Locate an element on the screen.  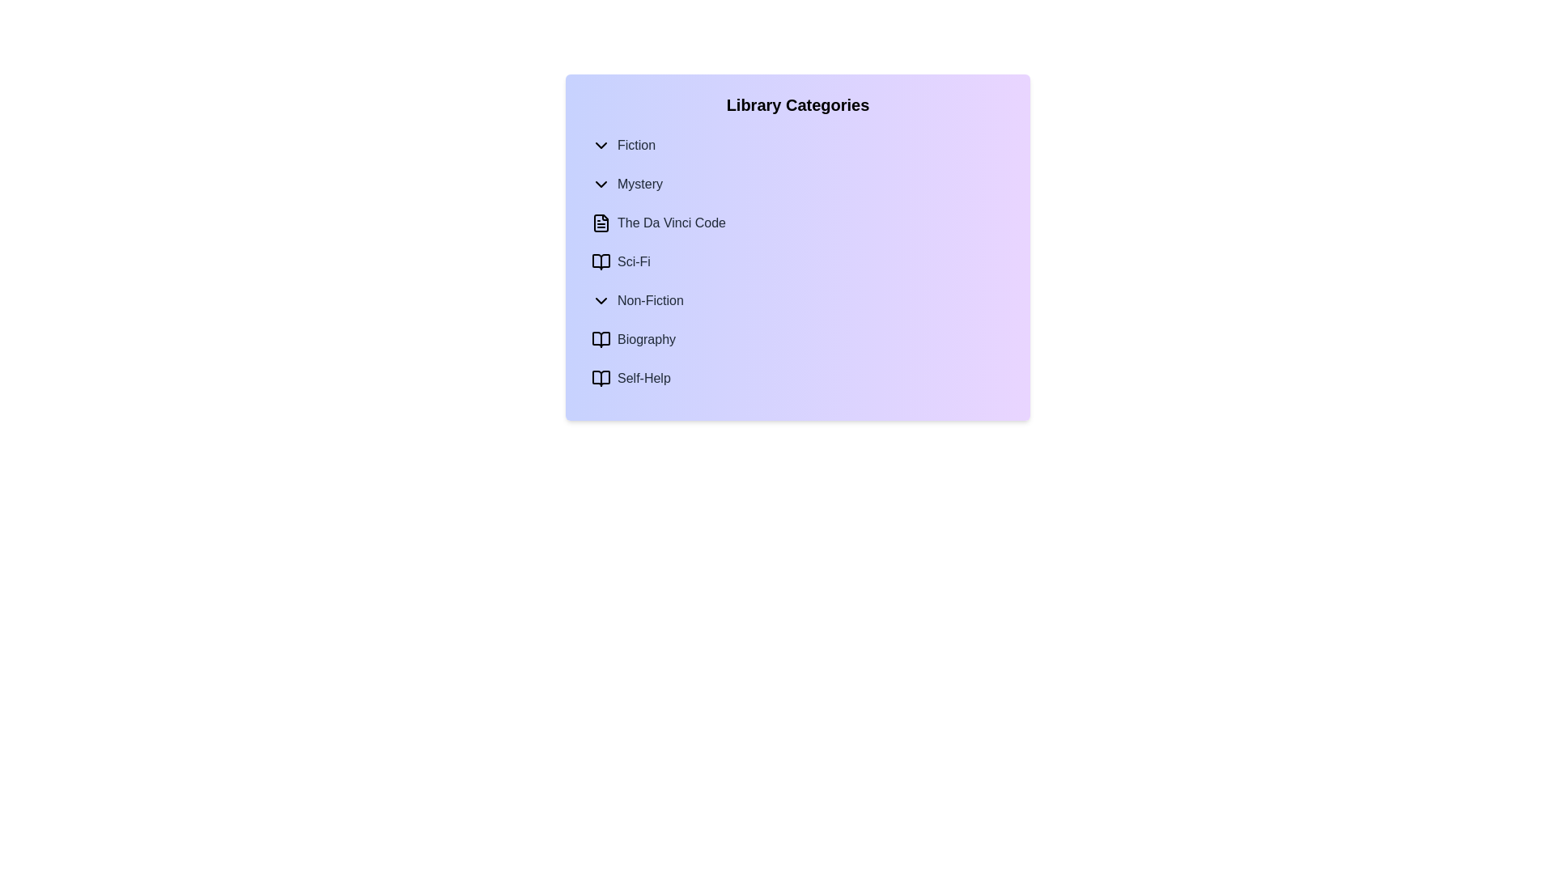
the 'Non-Fiction' text label in the category menu, which is centrally positioned between 'Sci-Fi' and 'Biography' is located at coordinates (650, 300).